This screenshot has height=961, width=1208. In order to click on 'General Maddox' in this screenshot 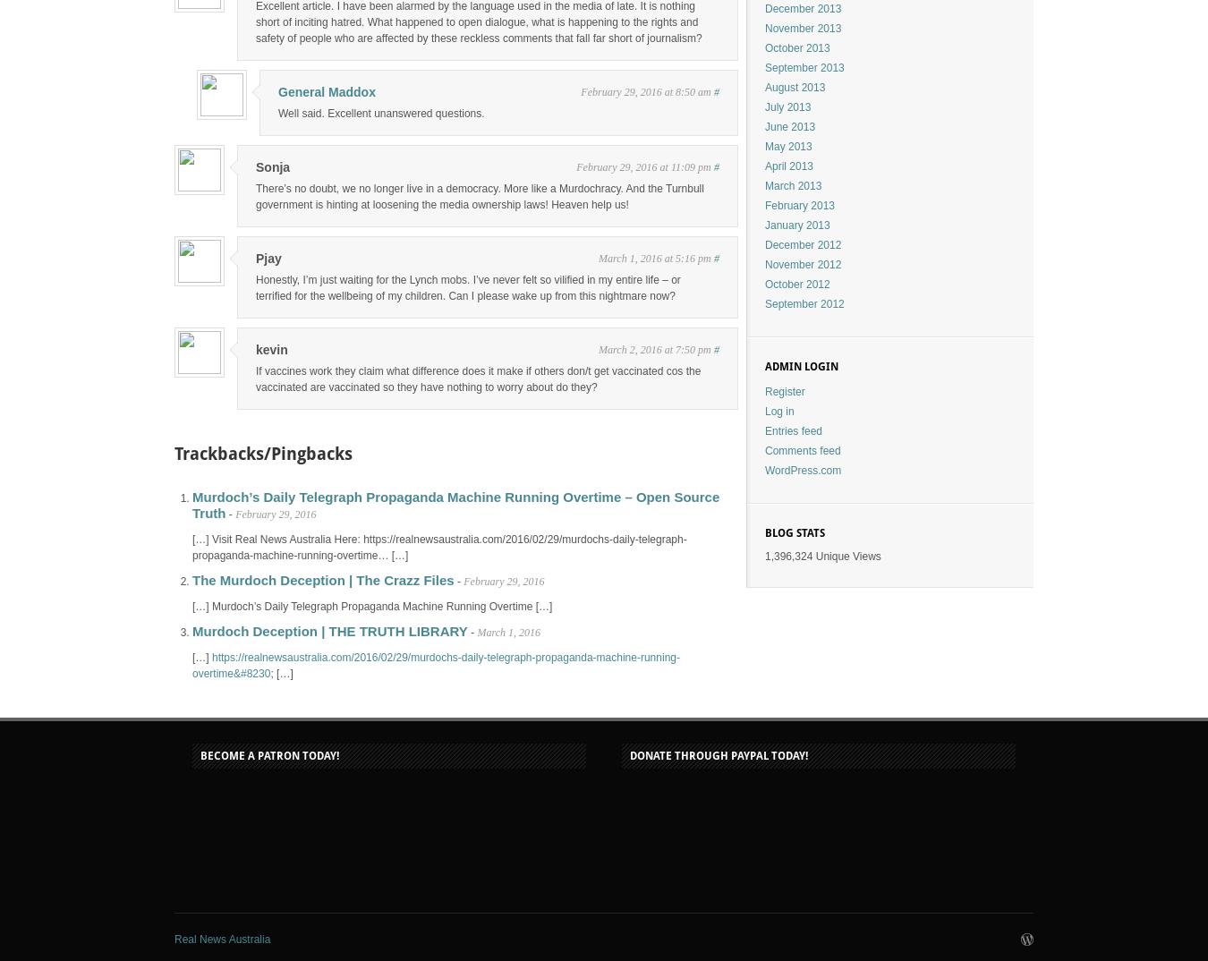, I will do `click(327, 91)`.